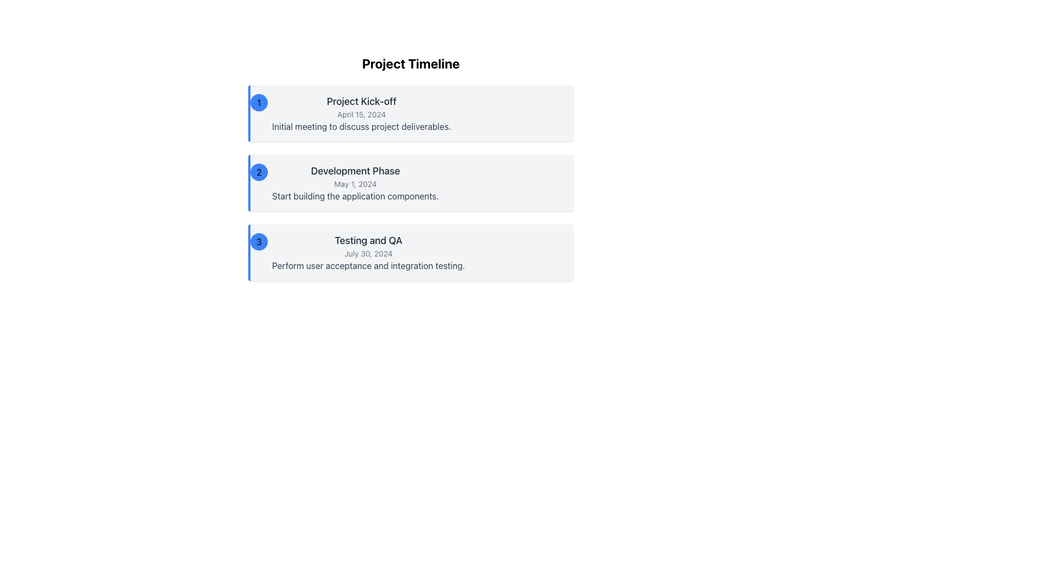 This screenshot has width=1043, height=587. What do you see at coordinates (410, 167) in the screenshot?
I see `information displayed on the 'Development Phase' card, which is the second card in the timeline list, located between 'Project Kick-off' and 'Testing and QA'` at bounding box center [410, 167].